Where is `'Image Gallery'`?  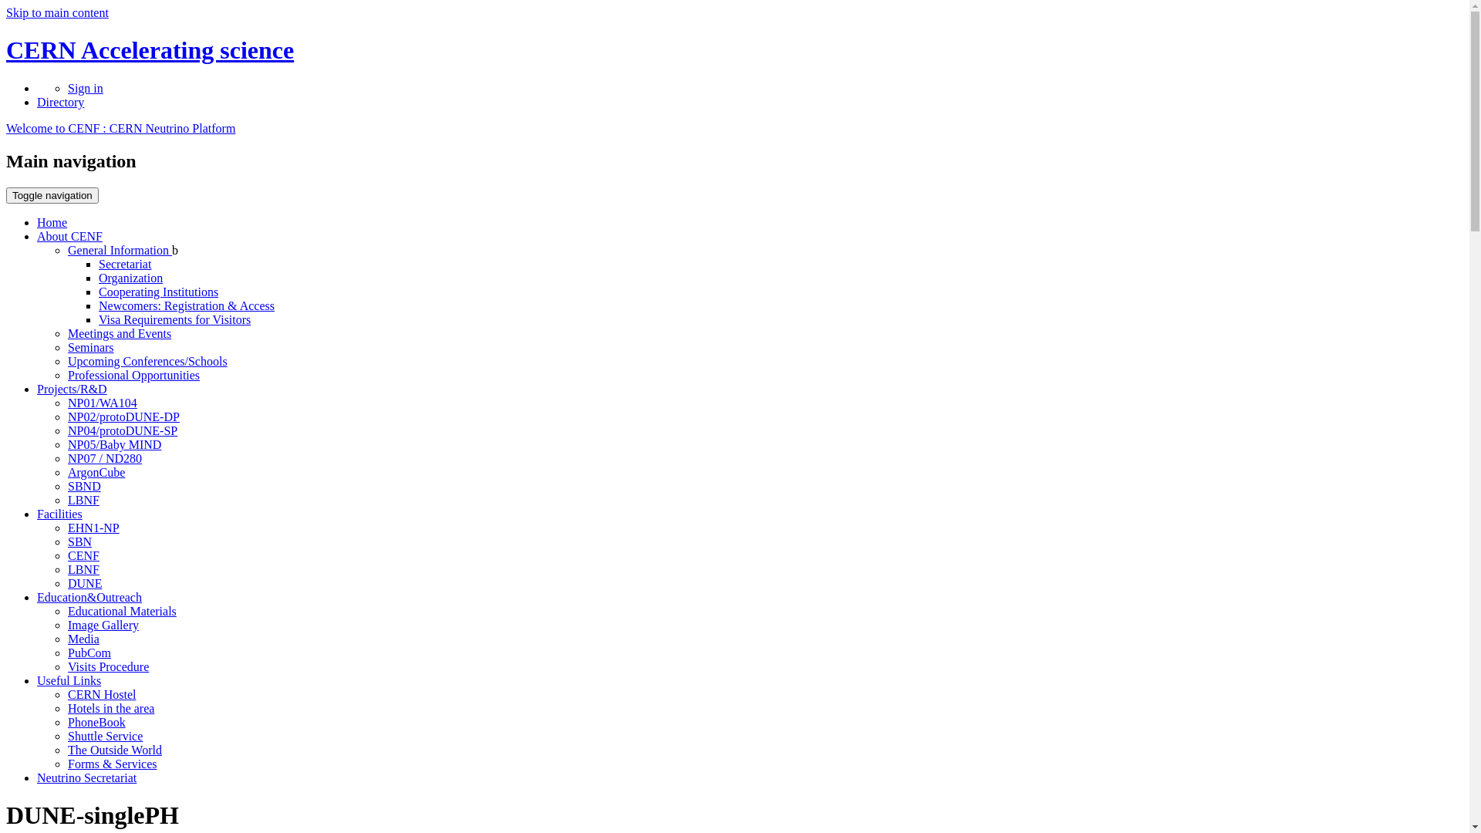
'Image Gallery' is located at coordinates (103, 625).